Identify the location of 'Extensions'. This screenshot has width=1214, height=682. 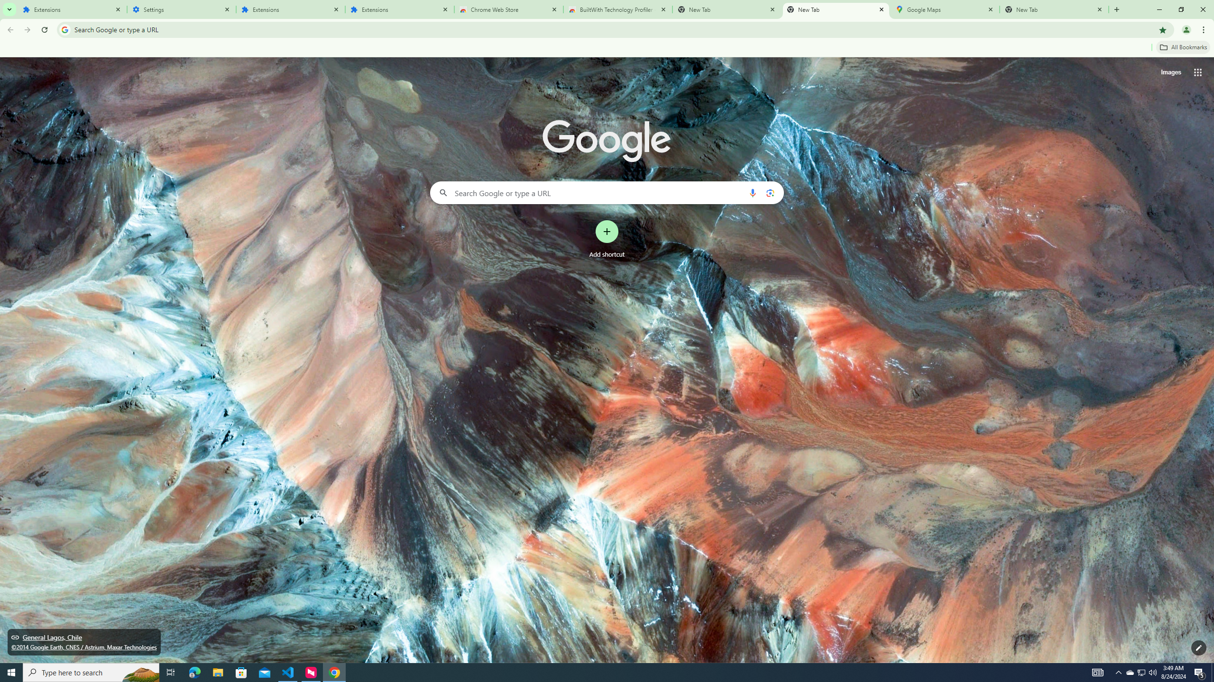
(72, 9).